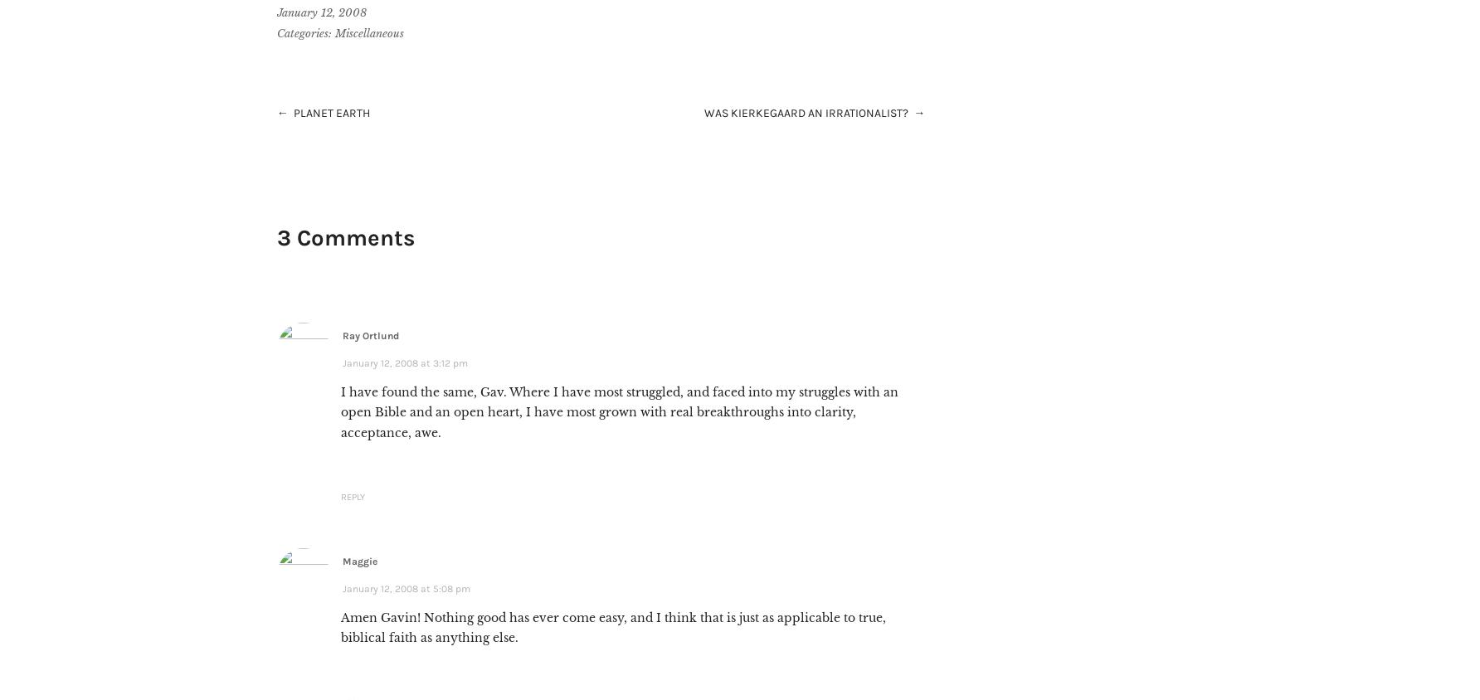  I want to click on 'January 12, 2008 at 5:08 pm', so click(405, 586).